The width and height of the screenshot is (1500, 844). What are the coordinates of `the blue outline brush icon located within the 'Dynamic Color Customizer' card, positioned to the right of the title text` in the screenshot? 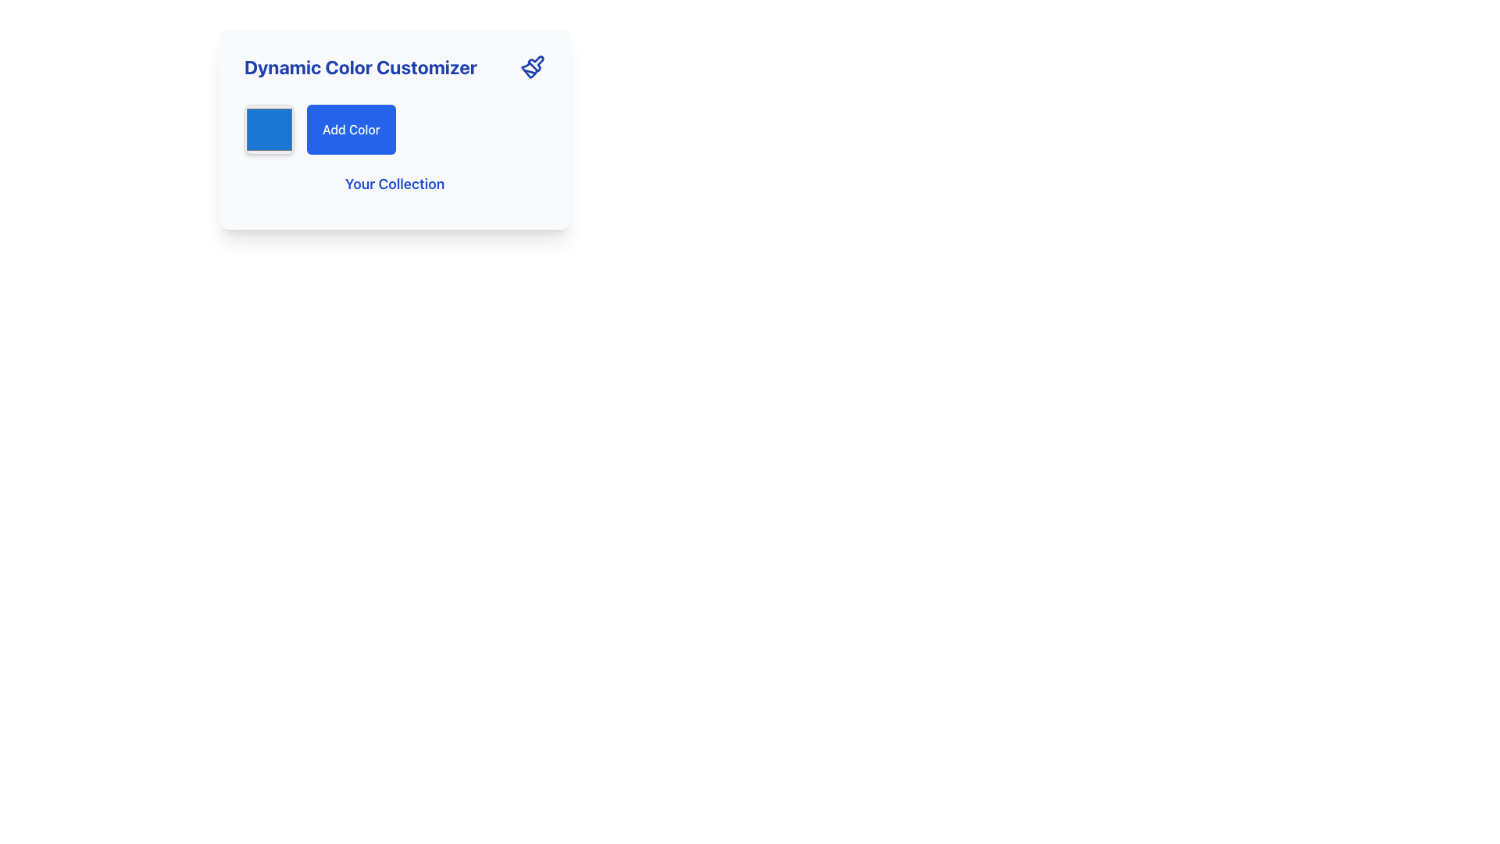 It's located at (536, 63).